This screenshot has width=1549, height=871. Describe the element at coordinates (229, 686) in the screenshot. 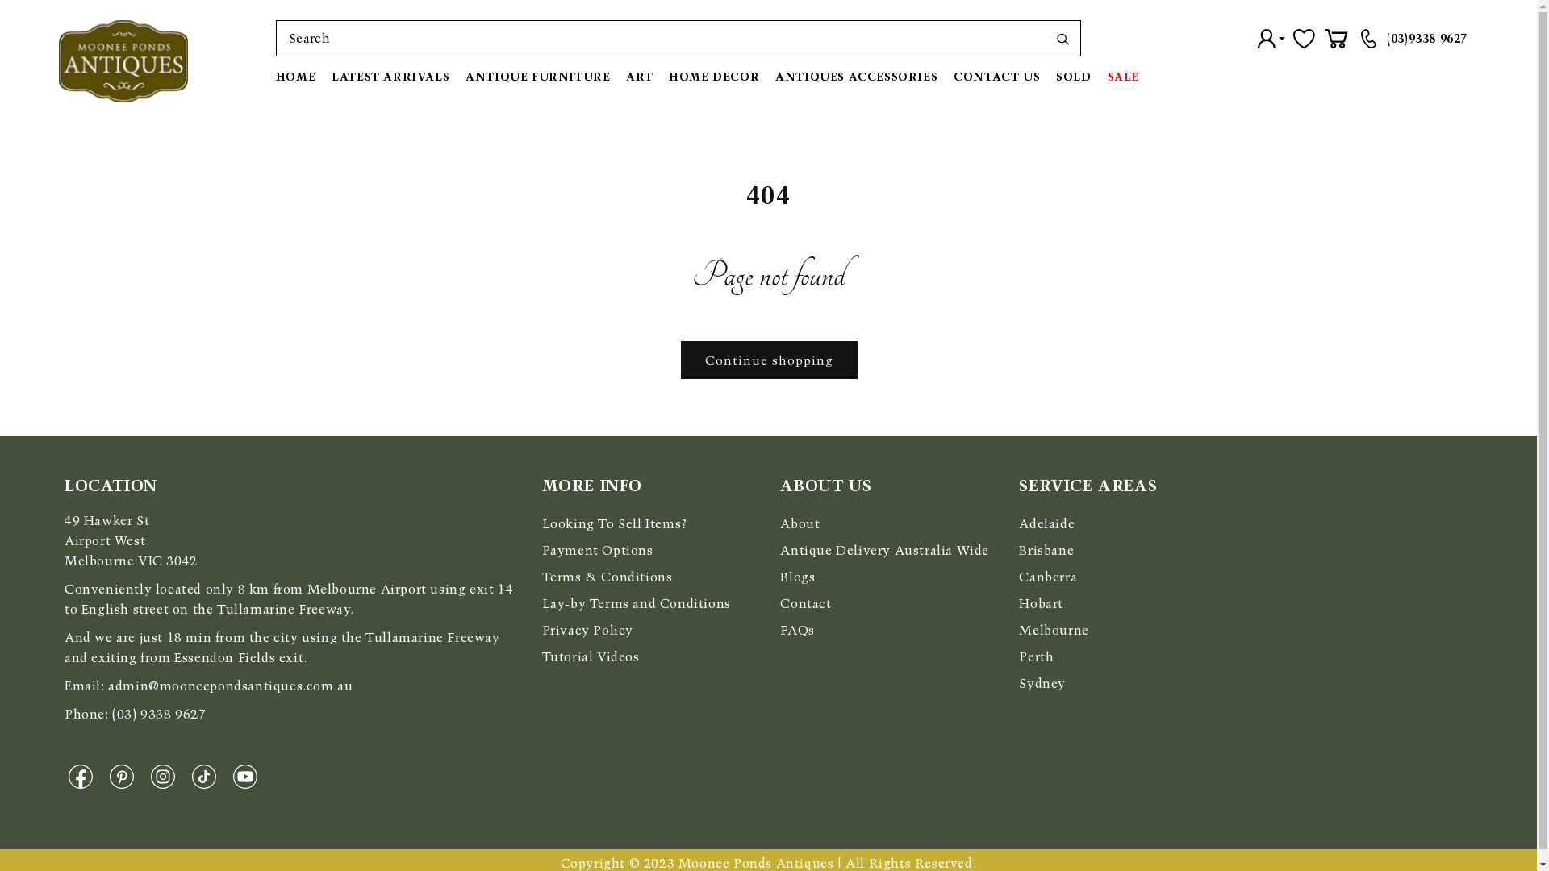

I see `'admin@mooneepondsantiques.com.au'` at that location.